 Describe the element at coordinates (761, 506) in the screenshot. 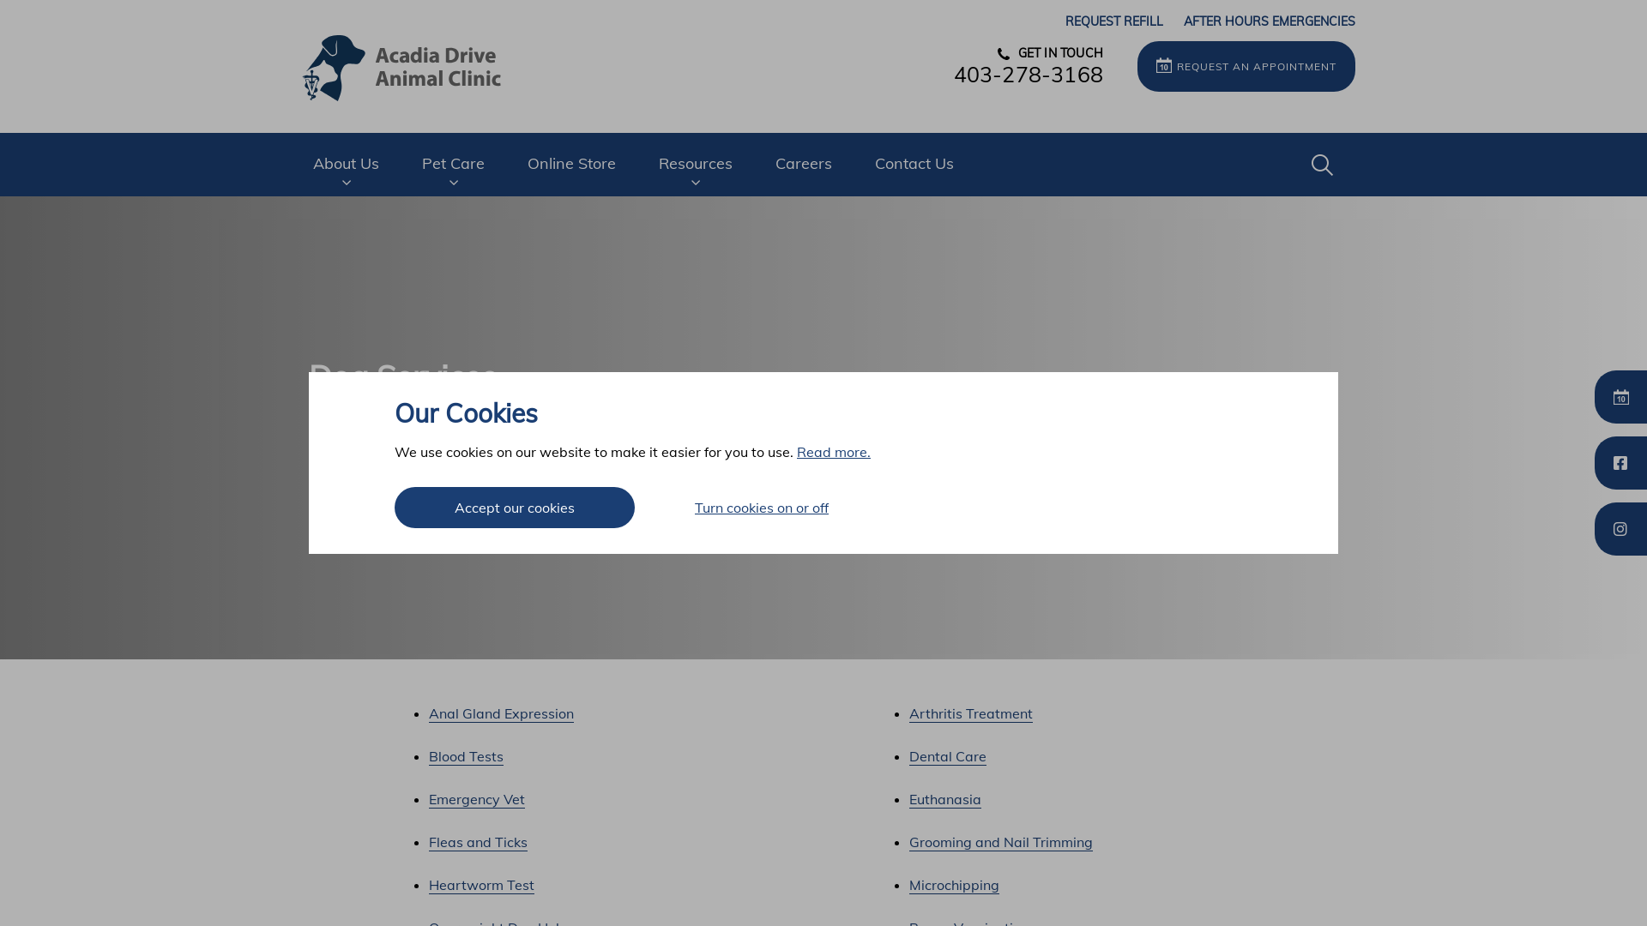

I see `'Turn cookies on or off'` at that location.